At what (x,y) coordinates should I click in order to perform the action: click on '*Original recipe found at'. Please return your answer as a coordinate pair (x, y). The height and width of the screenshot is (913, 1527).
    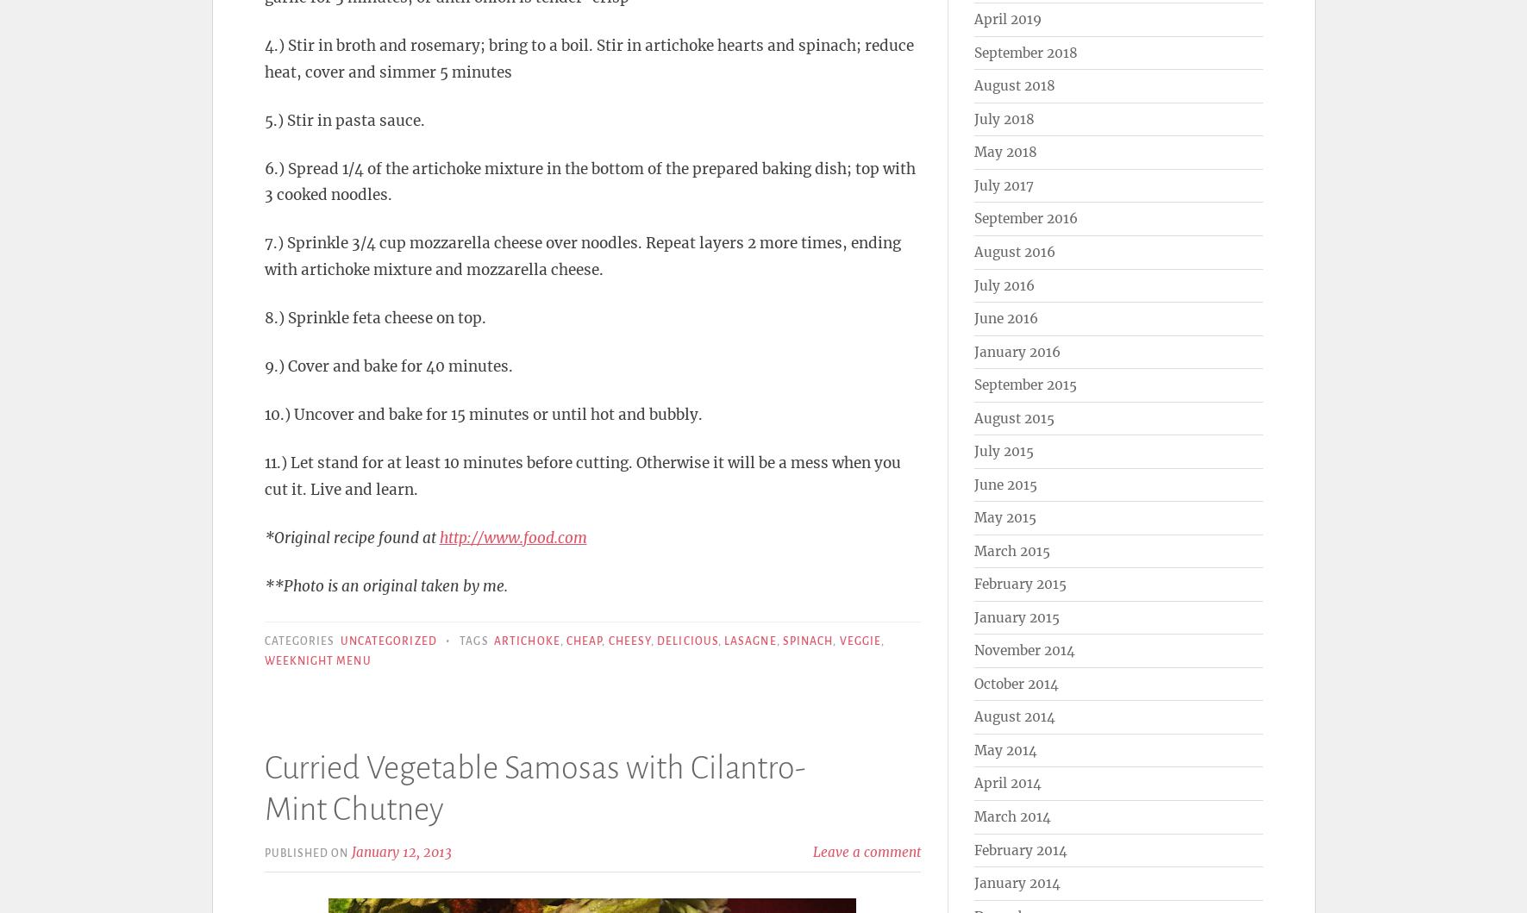
    Looking at the image, I should click on (263, 536).